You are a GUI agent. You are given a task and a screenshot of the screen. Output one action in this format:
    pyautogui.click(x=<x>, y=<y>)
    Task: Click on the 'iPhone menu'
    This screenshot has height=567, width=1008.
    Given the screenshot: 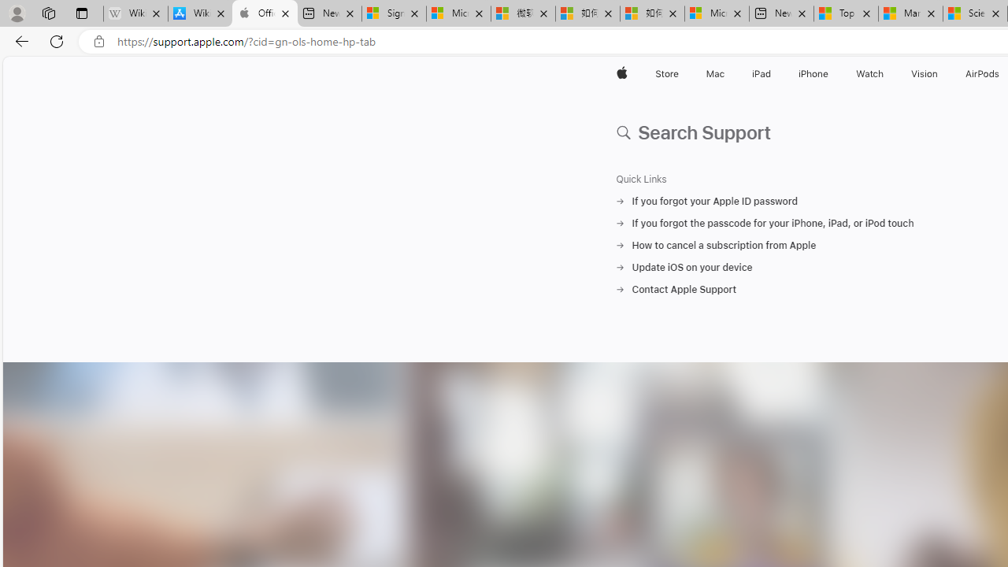 What is the action you would take?
    pyautogui.click(x=831, y=73)
    